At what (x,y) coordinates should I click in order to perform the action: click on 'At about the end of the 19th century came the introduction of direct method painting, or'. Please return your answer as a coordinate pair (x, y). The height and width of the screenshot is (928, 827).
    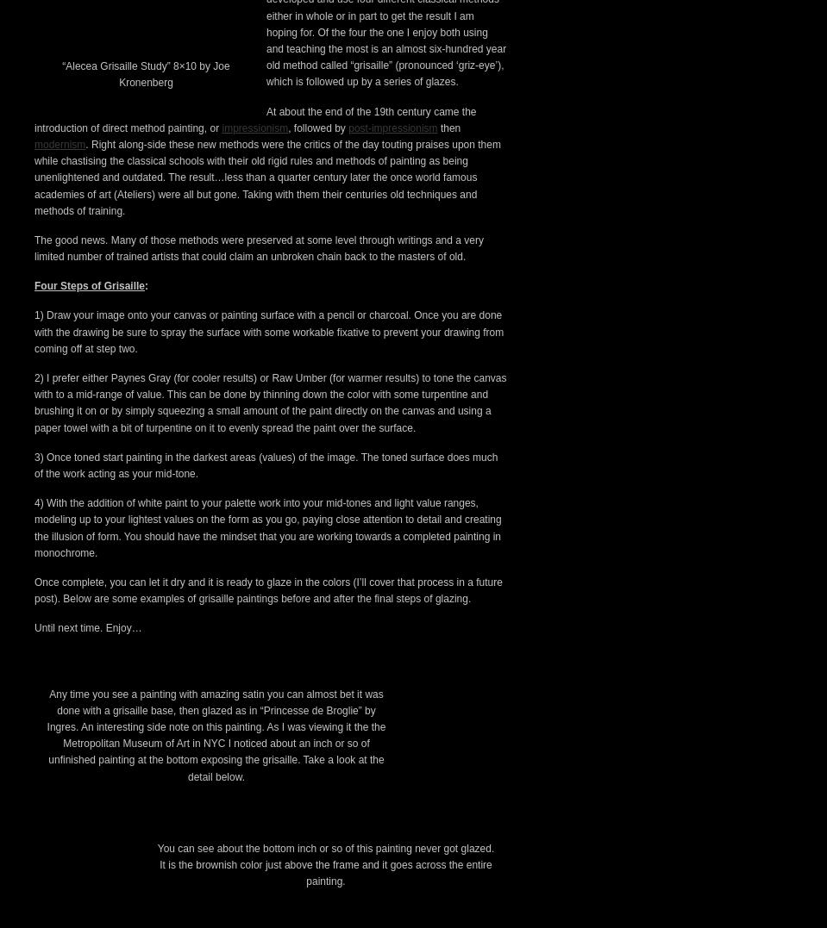
    Looking at the image, I should click on (254, 414).